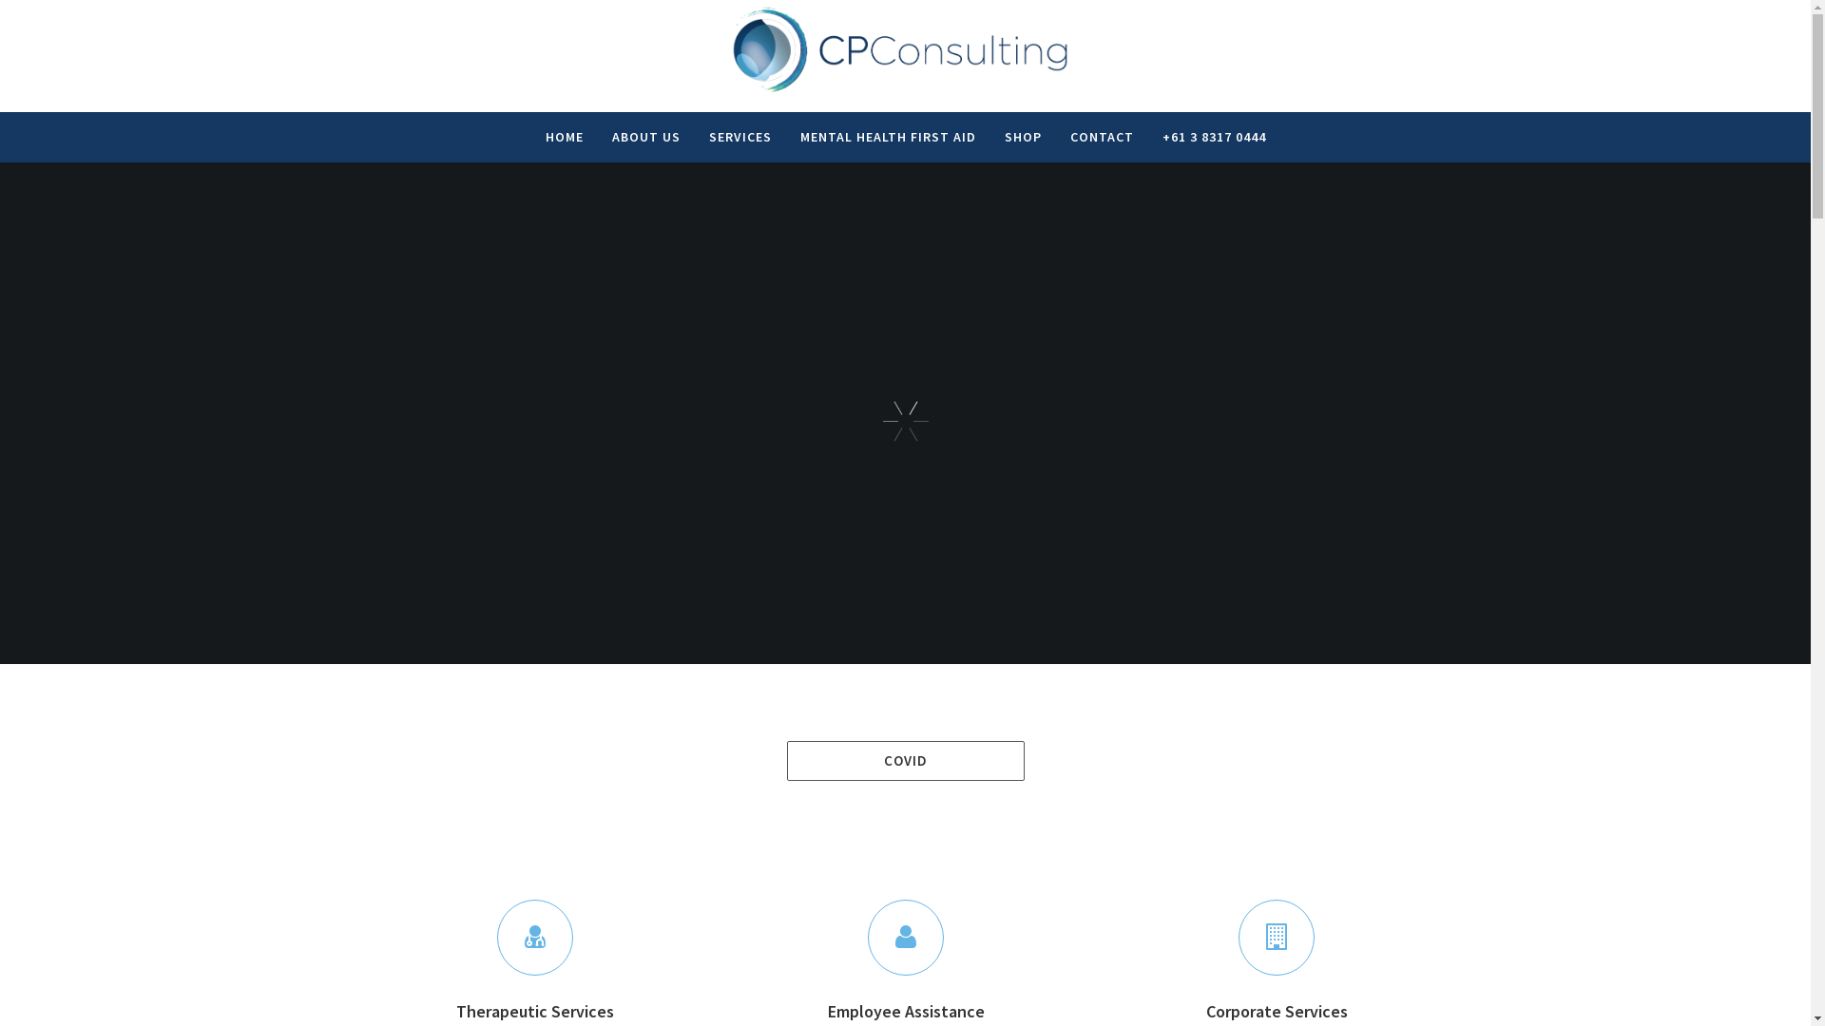 The width and height of the screenshot is (1825, 1026). What do you see at coordinates (1022, 137) in the screenshot?
I see `'SHOP'` at bounding box center [1022, 137].